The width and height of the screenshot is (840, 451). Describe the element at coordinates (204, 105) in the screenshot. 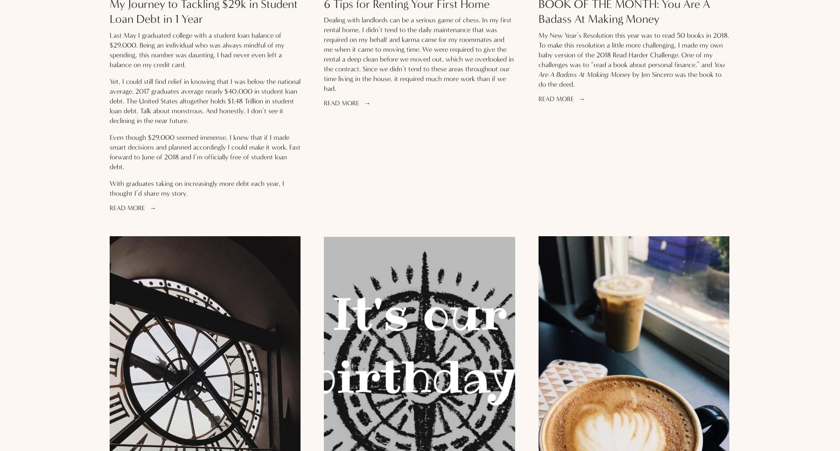

I see `'nearly $40,000 in student loan debt. The United States altogether holds $1.48 Trillion in student loan debt. Talk about monstrous. And honestly, I don’t see it declining in the near future.'` at that location.